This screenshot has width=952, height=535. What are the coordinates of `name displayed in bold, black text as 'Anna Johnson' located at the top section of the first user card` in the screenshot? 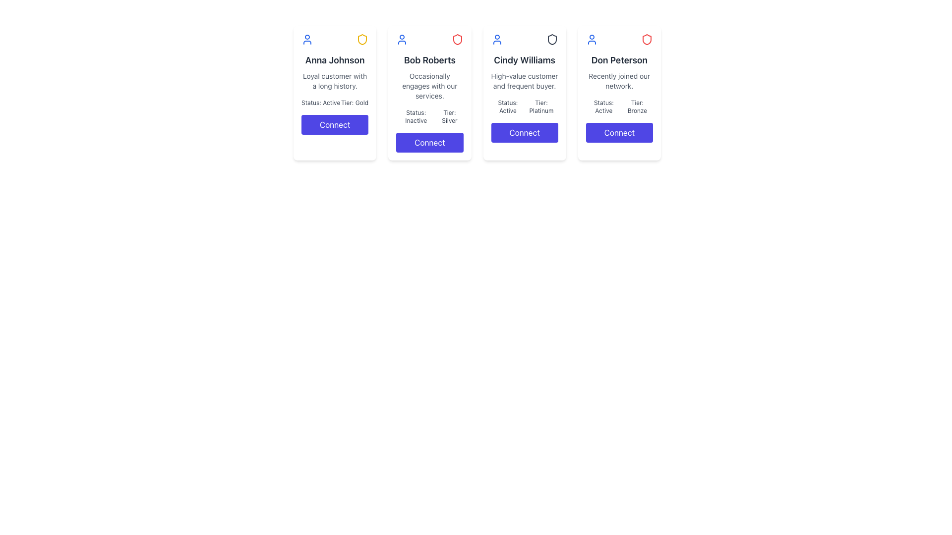 It's located at (335, 60).